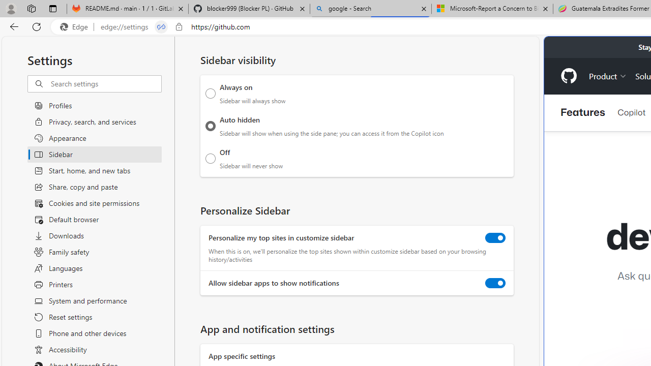 This screenshot has height=366, width=651. What do you see at coordinates (608, 75) in the screenshot?
I see `'Product'` at bounding box center [608, 75].